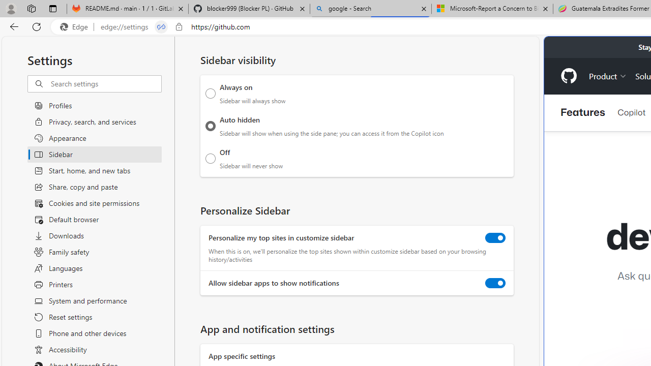 This screenshot has height=366, width=651. What do you see at coordinates (608, 75) in the screenshot?
I see `'Product'` at bounding box center [608, 75].